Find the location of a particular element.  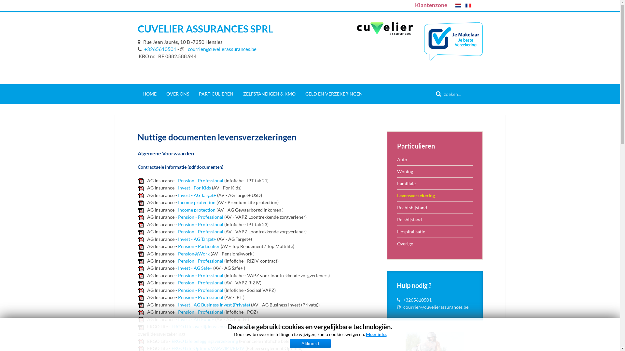

'Income protection' is located at coordinates (196, 210).